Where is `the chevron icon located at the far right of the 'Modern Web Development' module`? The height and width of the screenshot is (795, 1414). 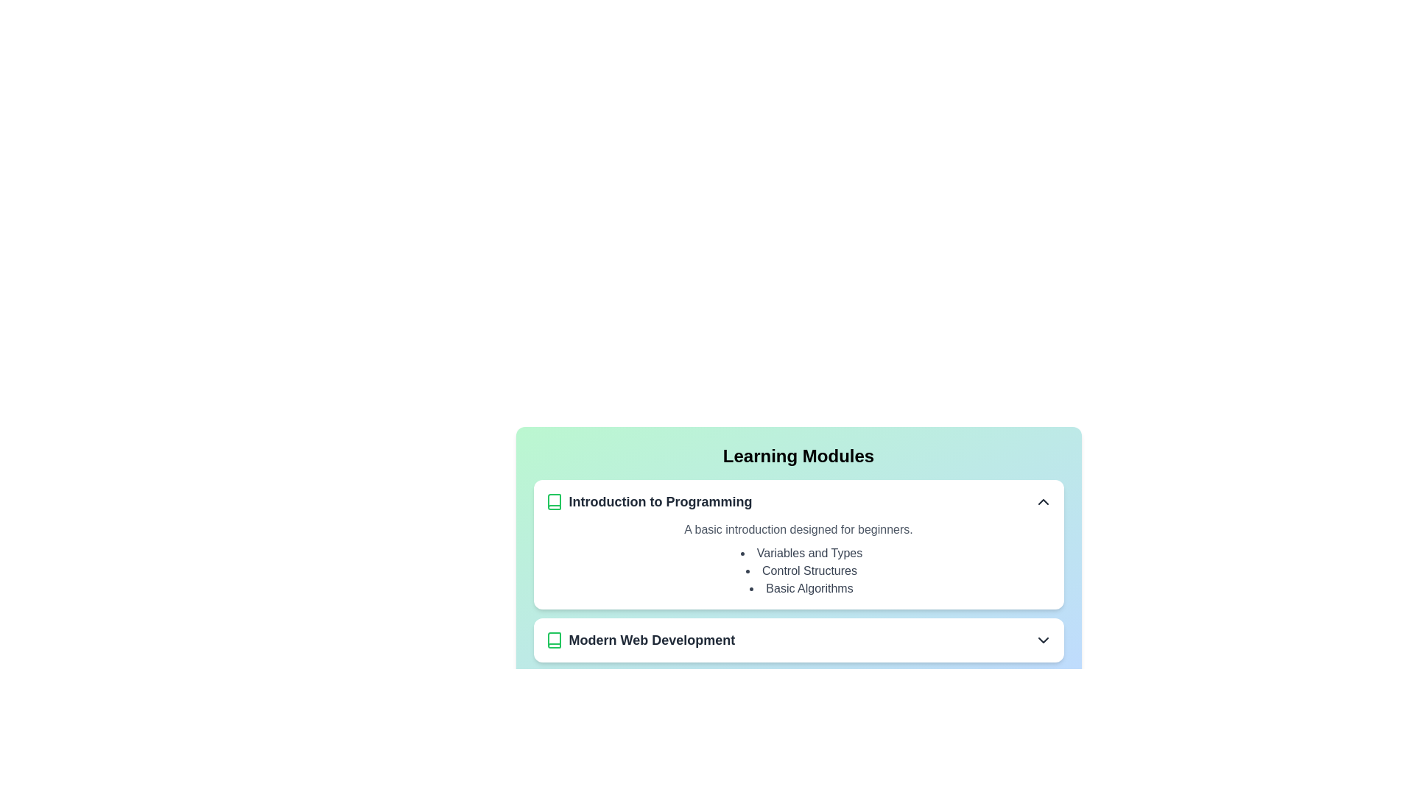
the chevron icon located at the far right of the 'Modern Web Development' module is located at coordinates (1042, 640).